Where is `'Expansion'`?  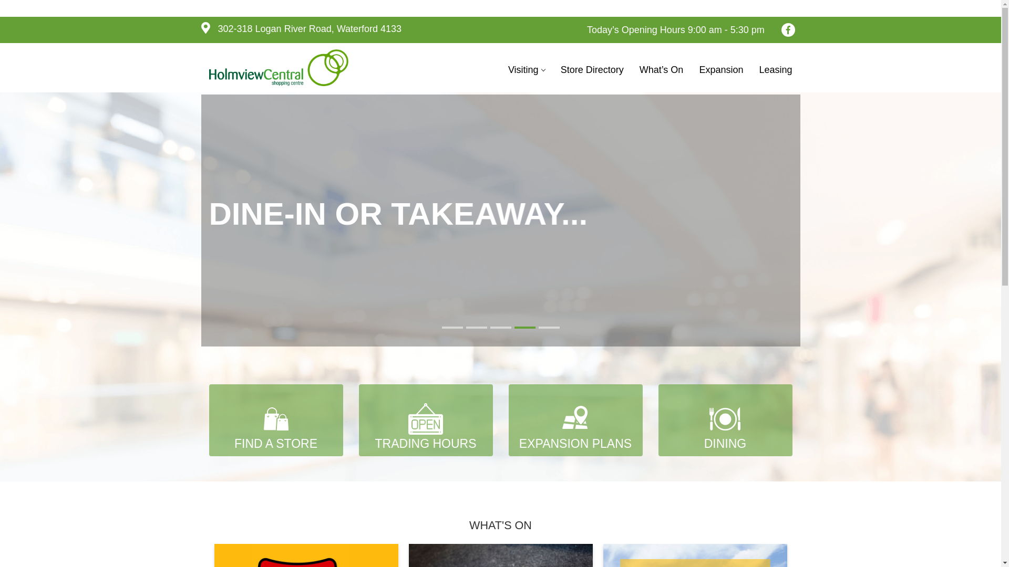 'Expansion' is located at coordinates (720, 69).